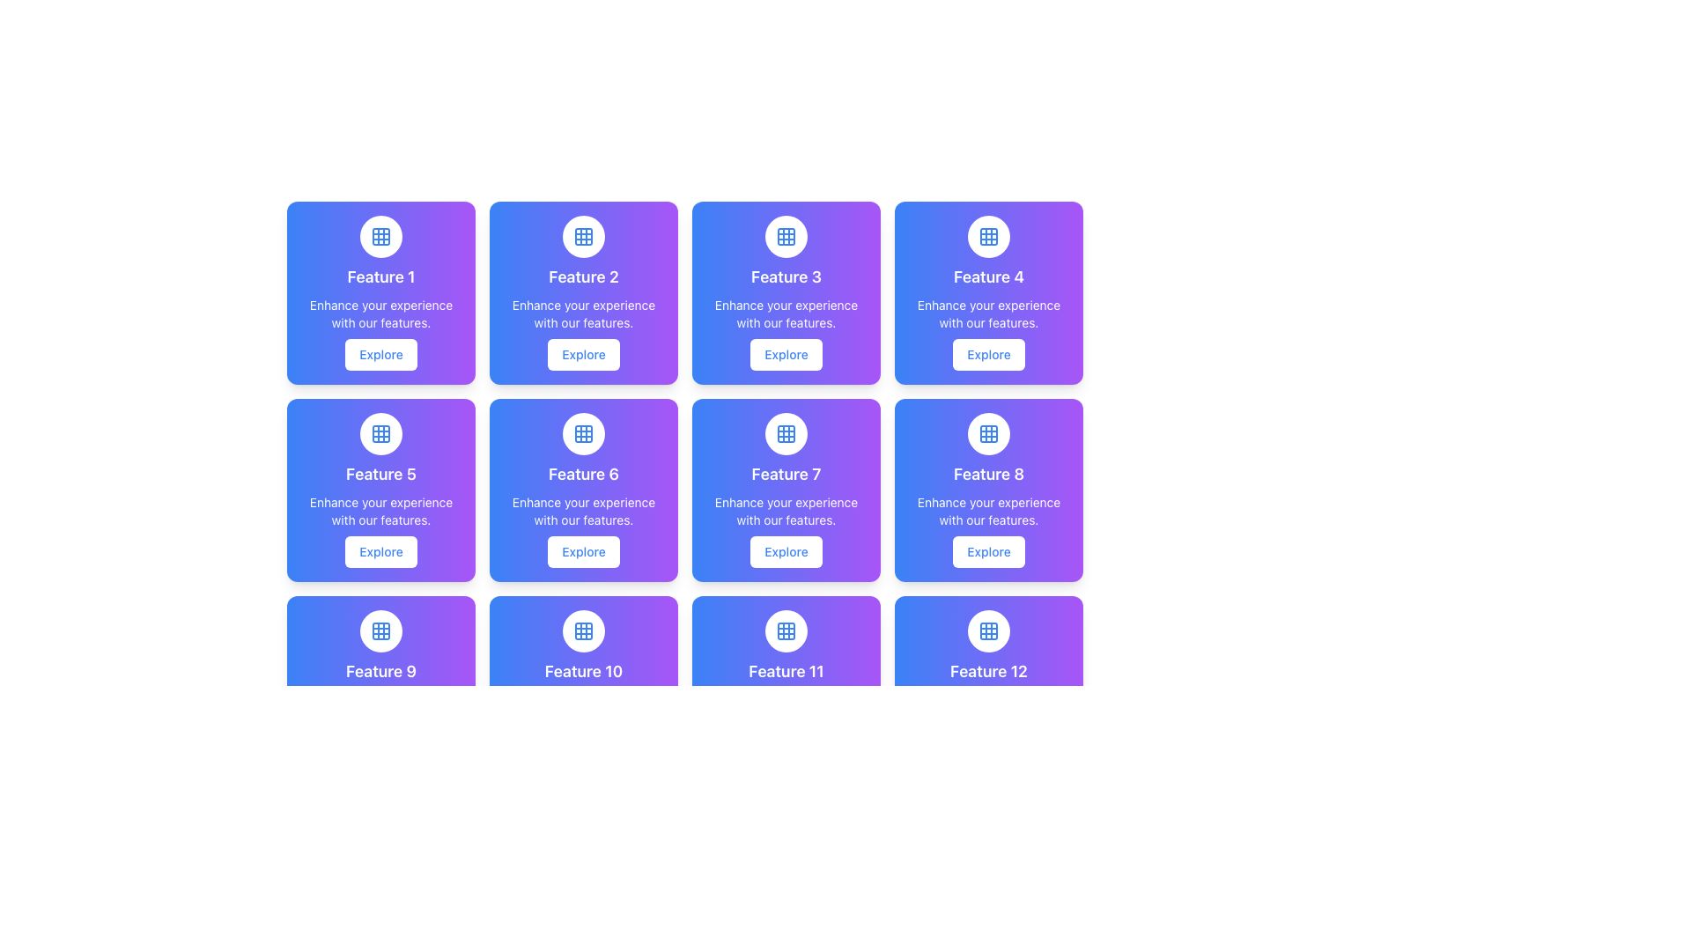 This screenshot has height=951, width=1691. What do you see at coordinates (380, 313) in the screenshot?
I see `the static text saying 'Enhance your experience with our features.' which is centrally placed in a vibrant gradient card with a blue-to-purple background` at bounding box center [380, 313].